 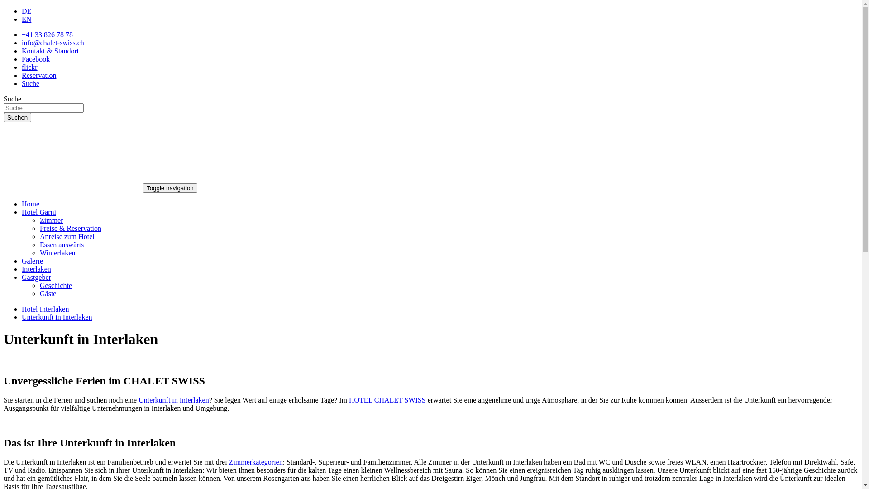 I want to click on 'info@chalet-swiss.ch', so click(x=52, y=43).